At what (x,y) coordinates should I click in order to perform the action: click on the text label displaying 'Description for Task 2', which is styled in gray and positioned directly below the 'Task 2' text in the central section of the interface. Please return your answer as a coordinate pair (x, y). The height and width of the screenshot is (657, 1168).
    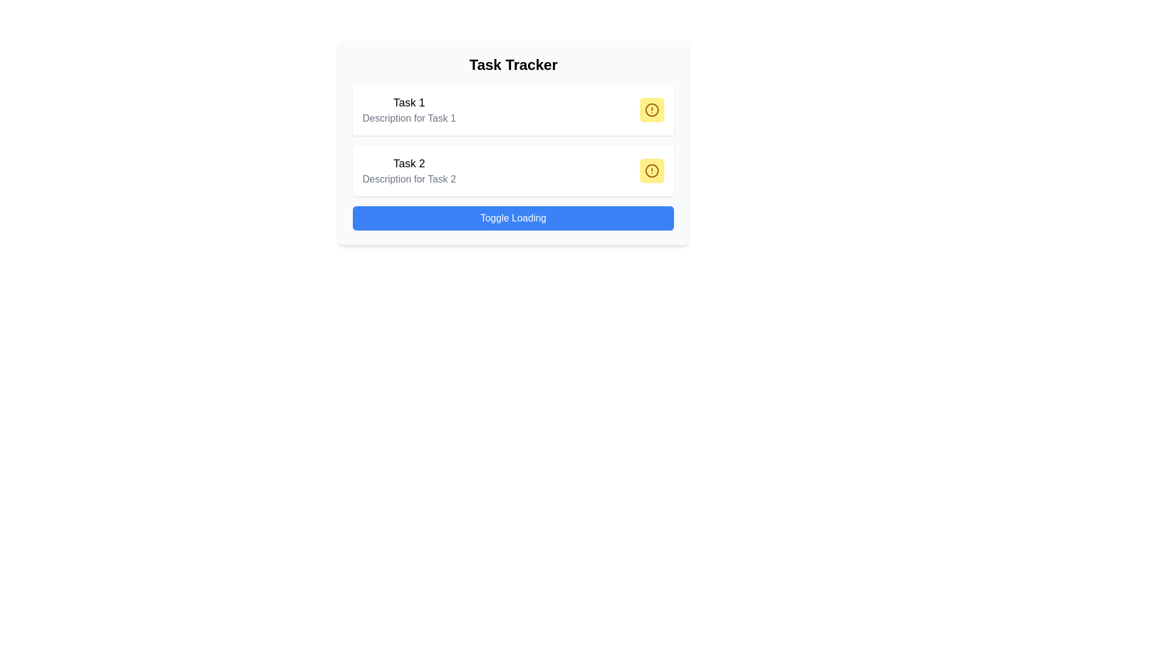
    Looking at the image, I should click on (409, 179).